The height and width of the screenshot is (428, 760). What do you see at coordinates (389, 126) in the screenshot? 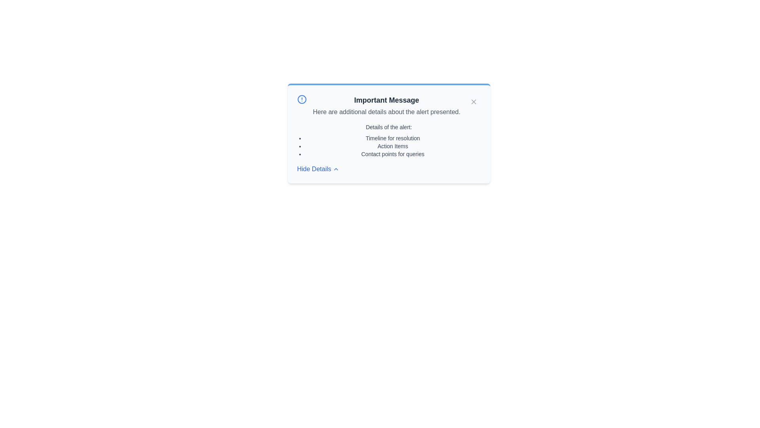
I see `the static text label that reads 'Details of the alert:', which is styled with a smaller font size and located below the header 'Important Message'` at bounding box center [389, 126].